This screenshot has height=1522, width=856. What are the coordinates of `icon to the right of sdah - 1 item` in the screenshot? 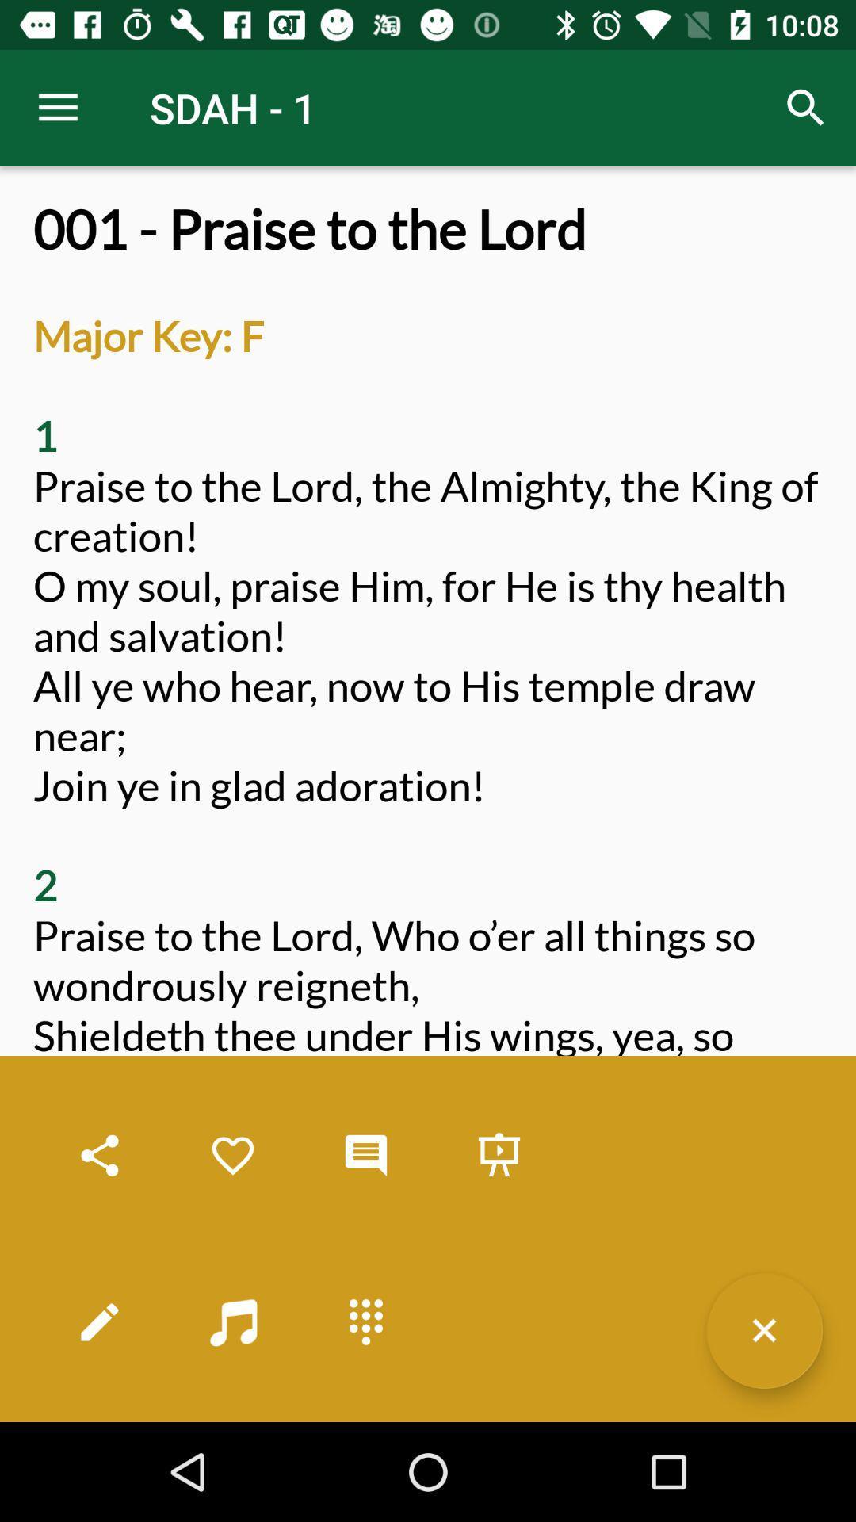 It's located at (806, 107).